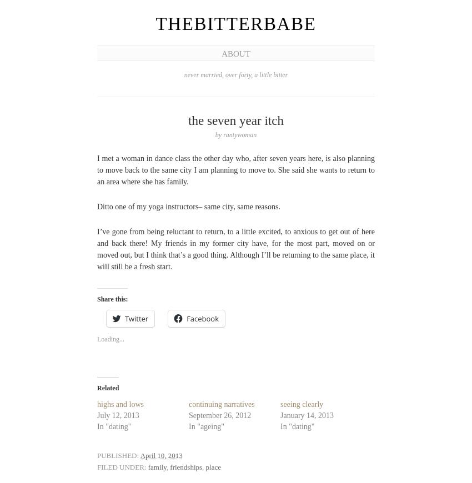  I want to click on 'Related', so click(107, 388).